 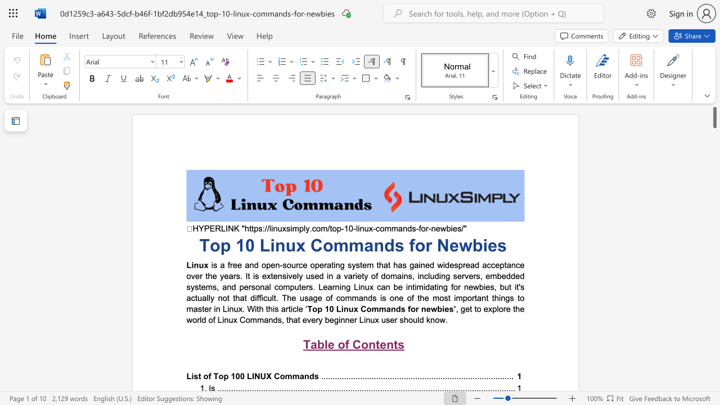 I want to click on the subset text "cl" within the text "is one of the most important things to master in Linux. With this article ‘", so click(x=292, y=309).